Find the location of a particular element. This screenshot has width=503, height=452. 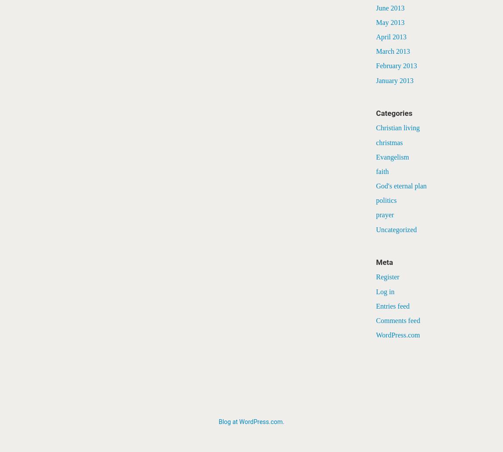

'June 2013' is located at coordinates (375, 7).